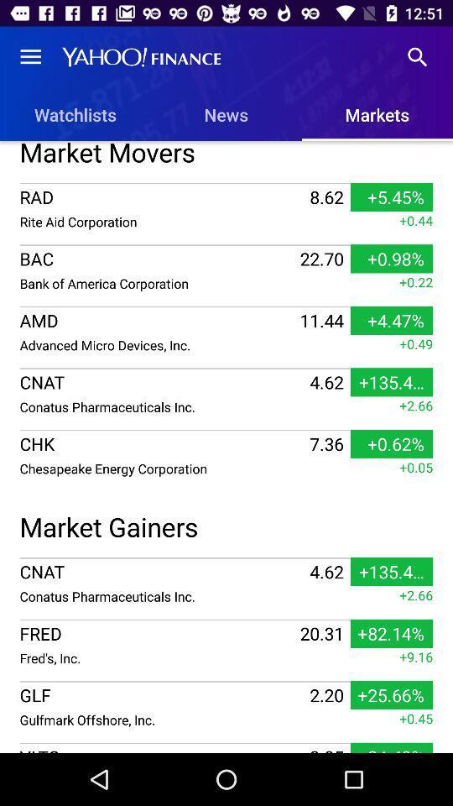  What do you see at coordinates (158, 657) in the screenshot?
I see `the icon next to 20.31 icon` at bounding box center [158, 657].